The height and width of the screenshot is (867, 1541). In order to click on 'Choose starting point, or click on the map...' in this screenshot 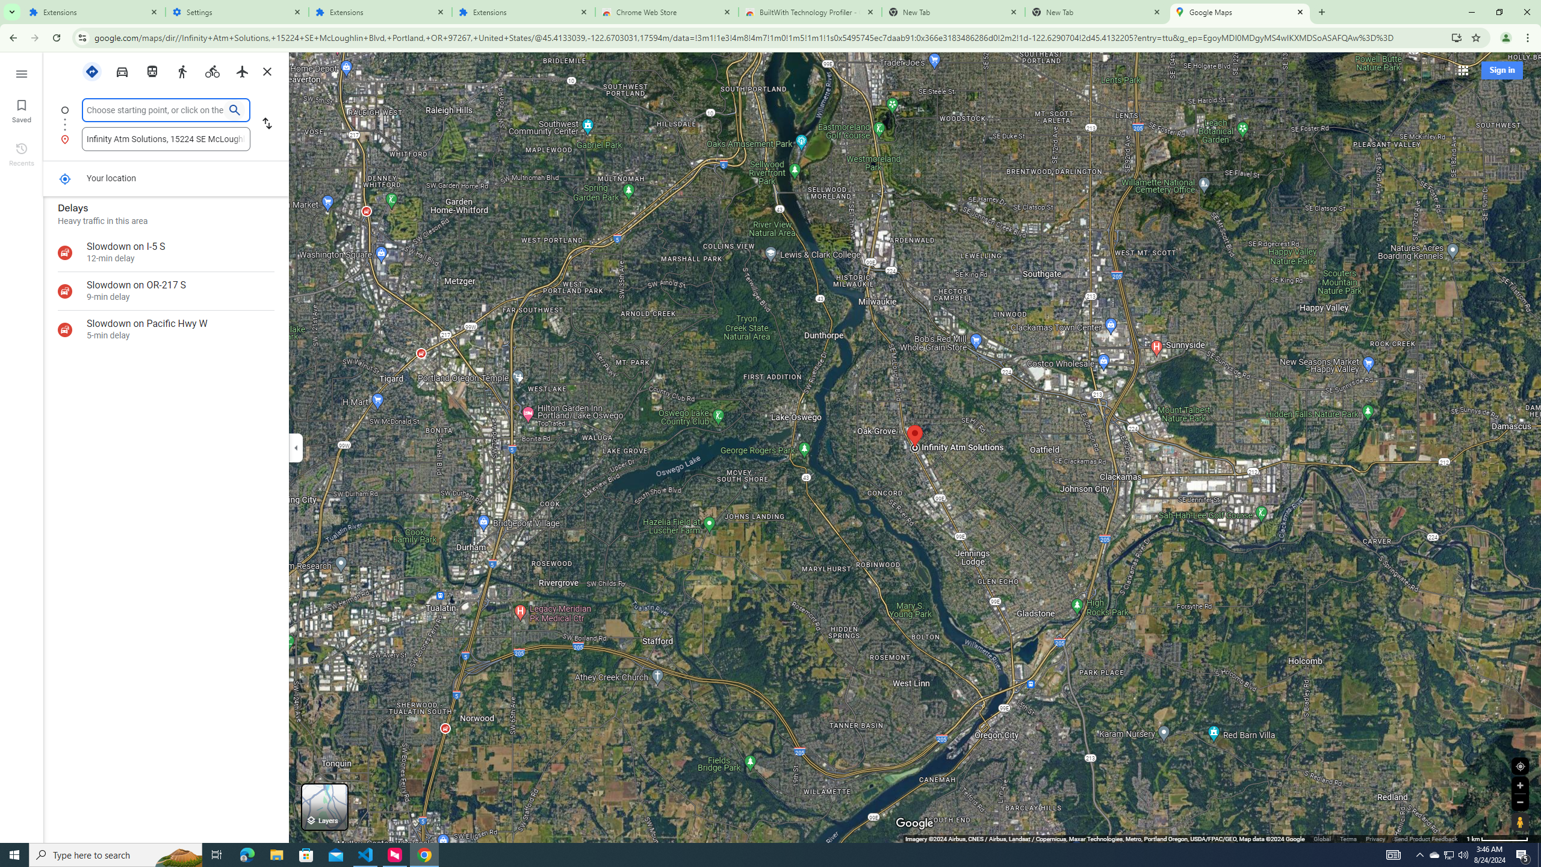, I will do `click(155, 109)`.